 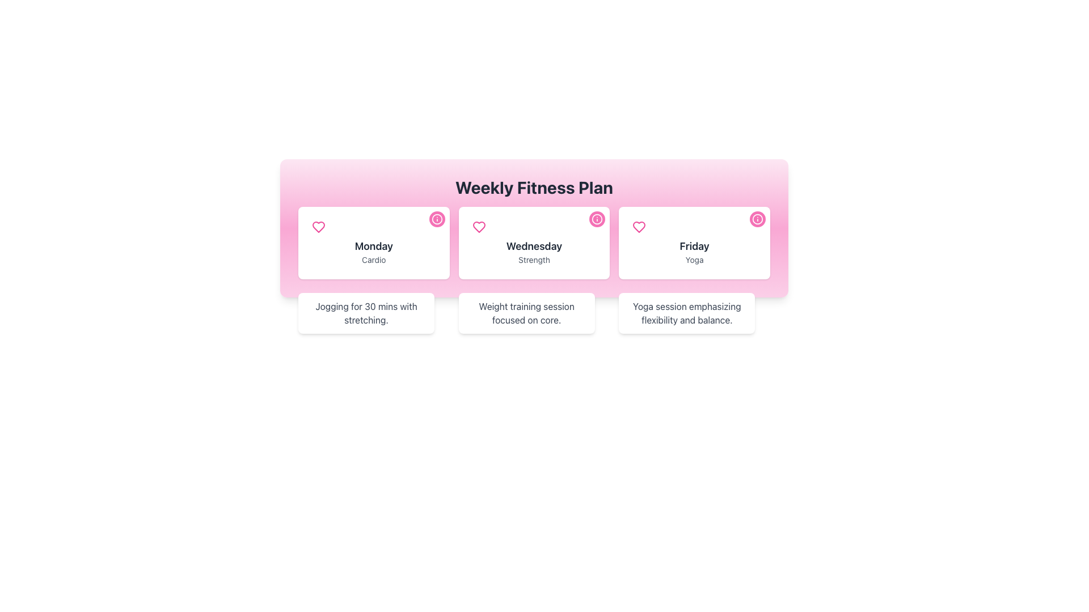 What do you see at coordinates (694, 242) in the screenshot?
I see `the third card in the grid, which features the day 'Friday' and the text 'Yoga'` at bounding box center [694, 242].